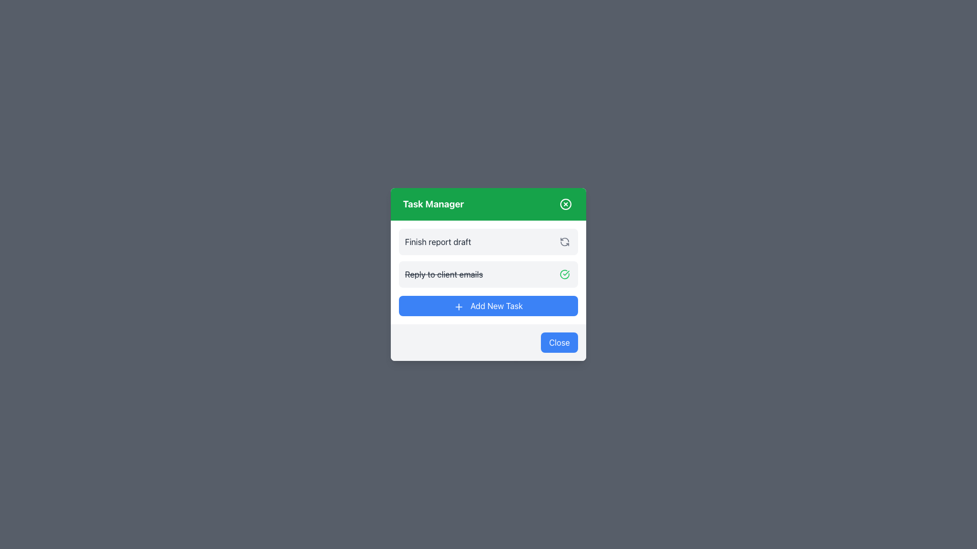 The image size is (977, 549). What do you see at coordinates (565, 204) in the screenshot?
I see `the close button located at the top-right corner of the 'Task Manager' interface to trigger a visual interaction` at bounding box center [565, 204].